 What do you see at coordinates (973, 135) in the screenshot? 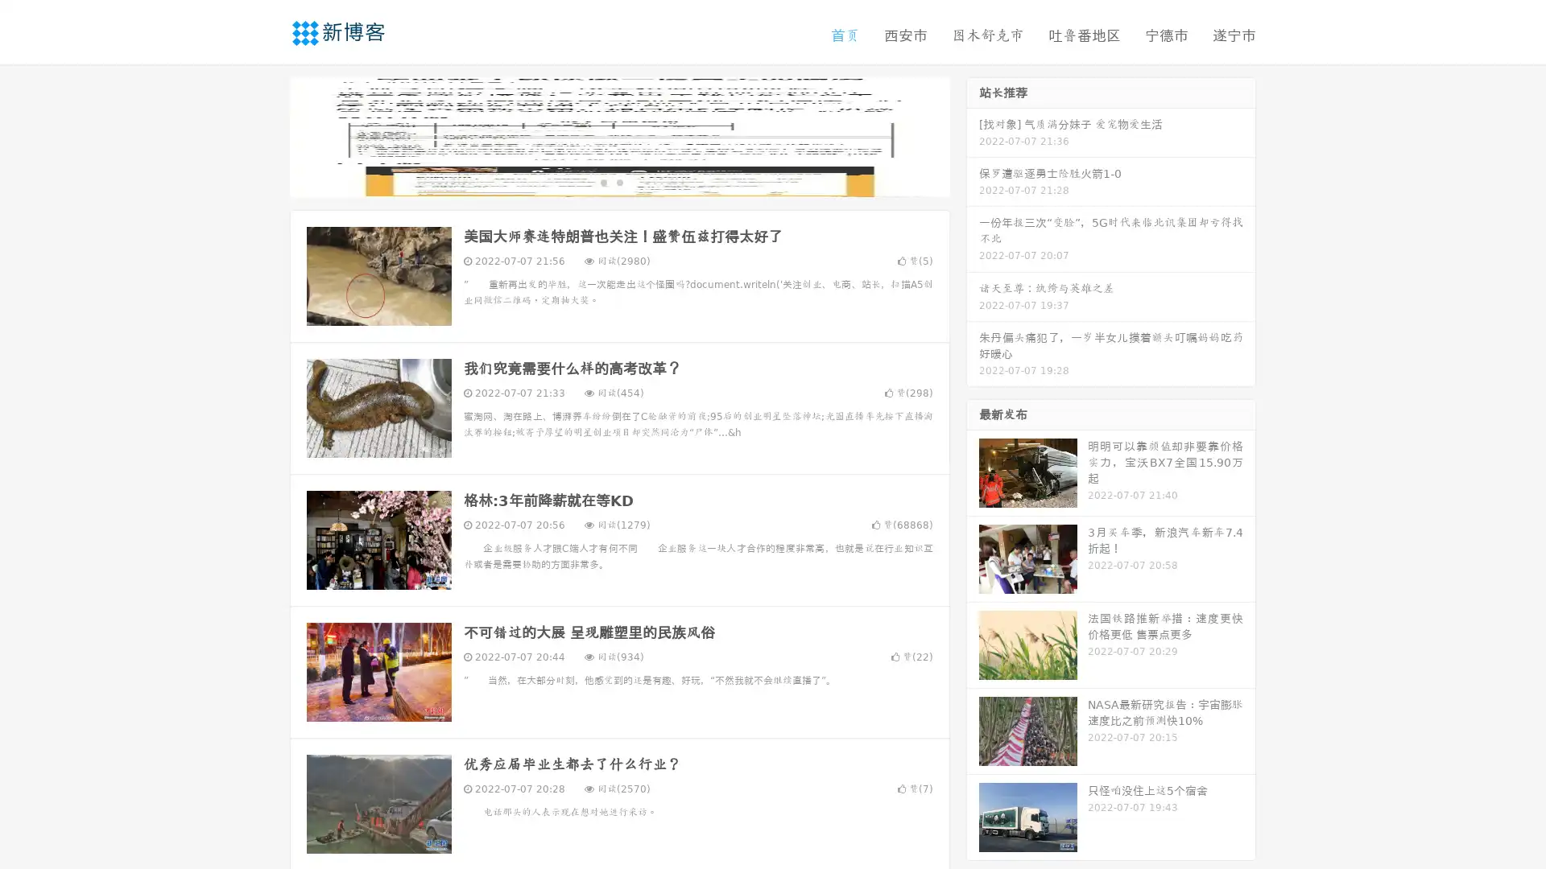
I see `Next slide` at bounding box center [973, 135].